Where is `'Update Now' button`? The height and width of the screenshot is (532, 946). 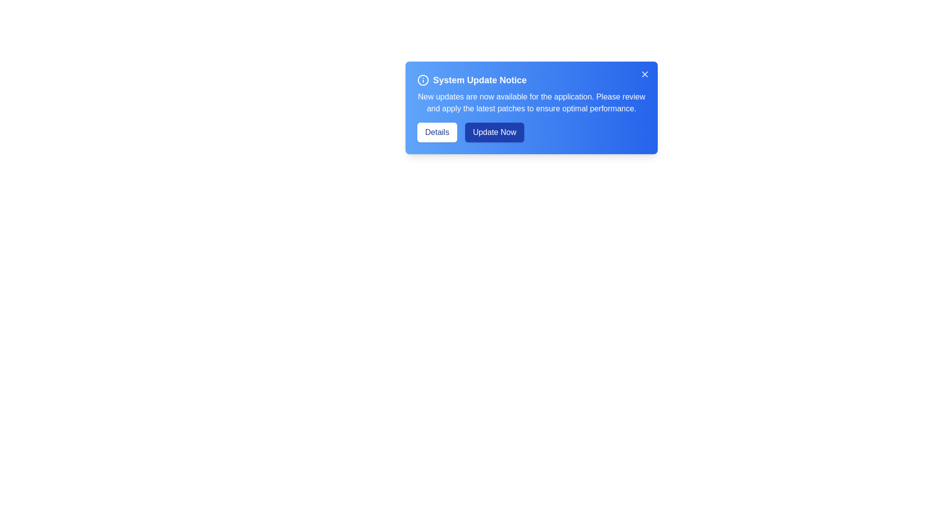 'Update Now' button is located at coordinates (494, 132).